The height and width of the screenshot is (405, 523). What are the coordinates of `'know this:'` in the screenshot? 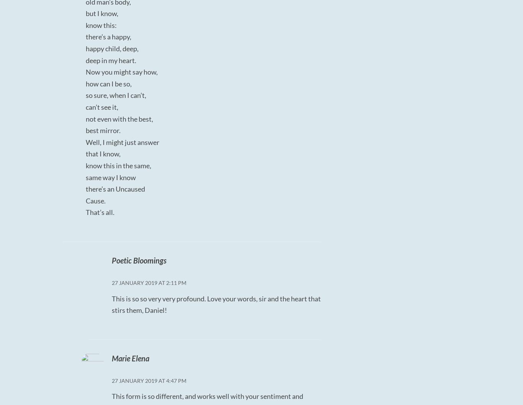 It's located at (101, 25).